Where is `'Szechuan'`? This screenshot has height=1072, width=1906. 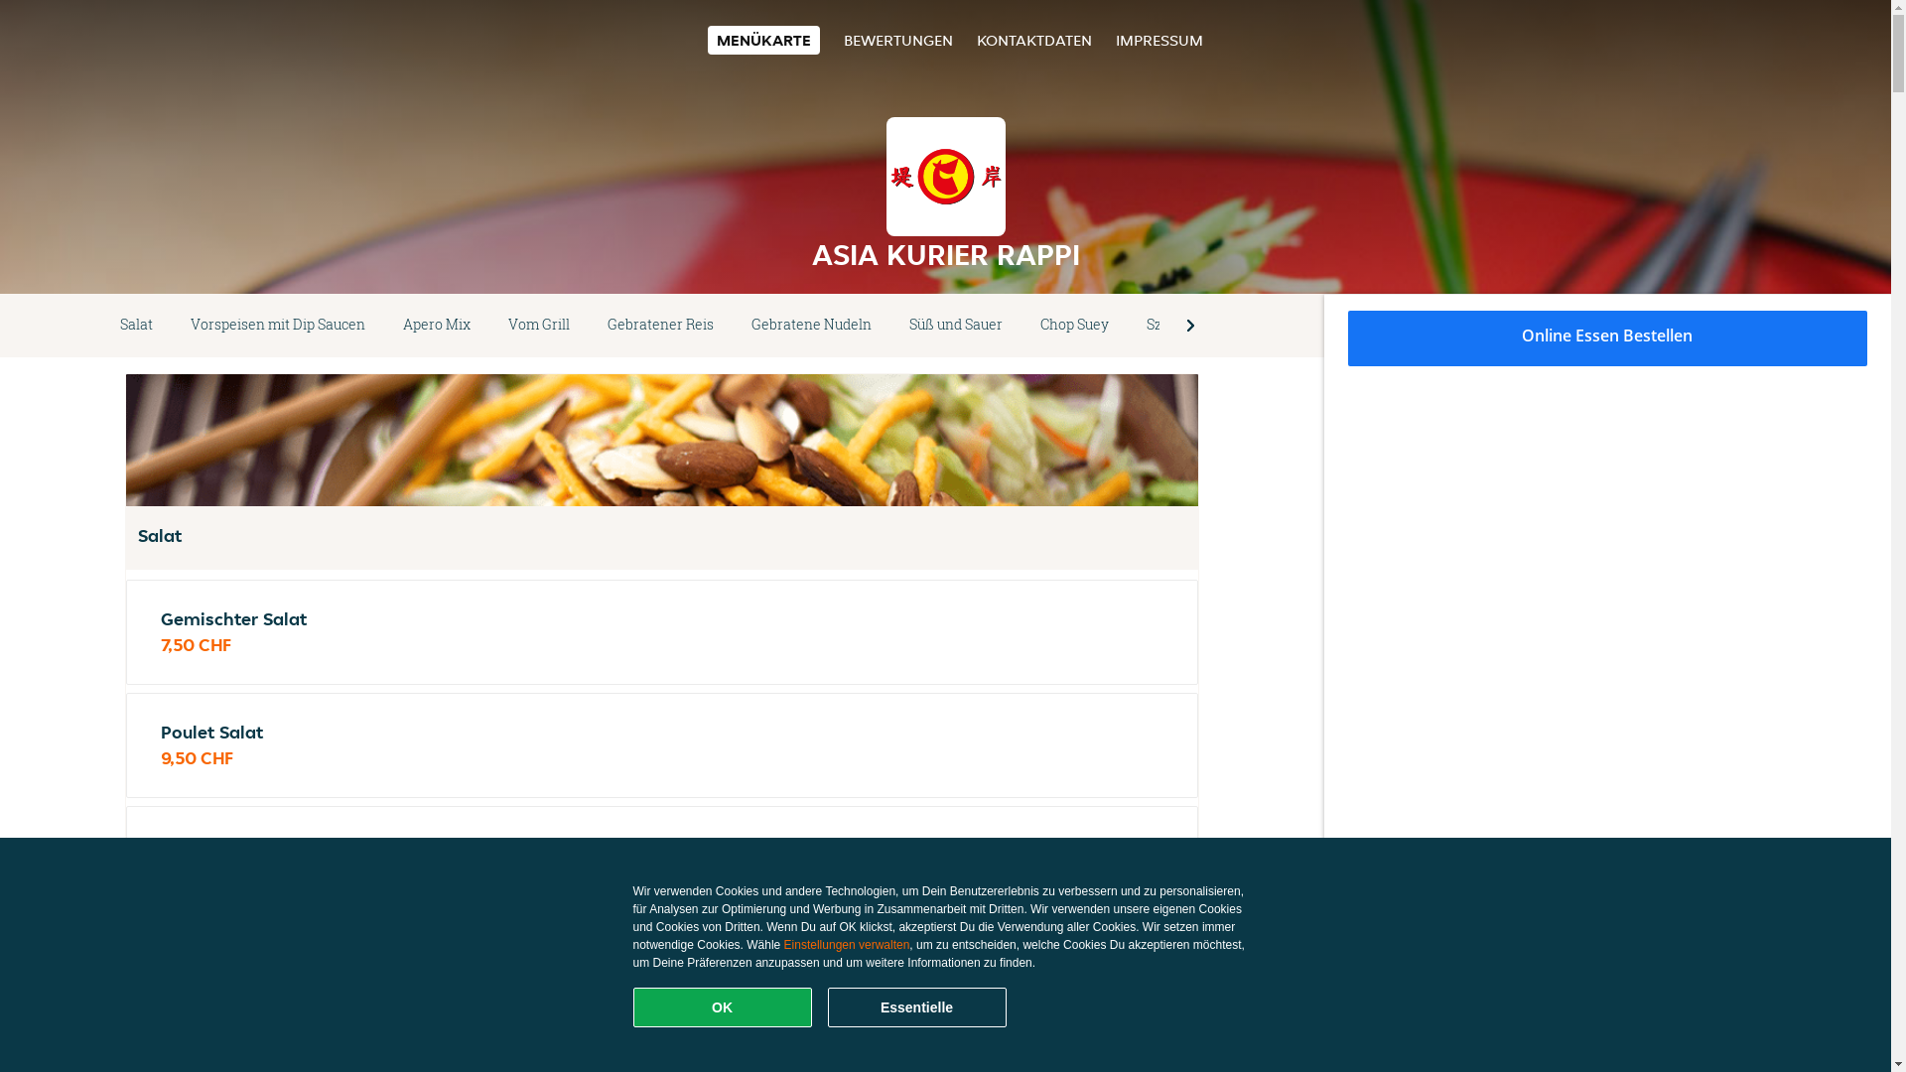 'Szechuan' is located at coordinates (1128, 324).